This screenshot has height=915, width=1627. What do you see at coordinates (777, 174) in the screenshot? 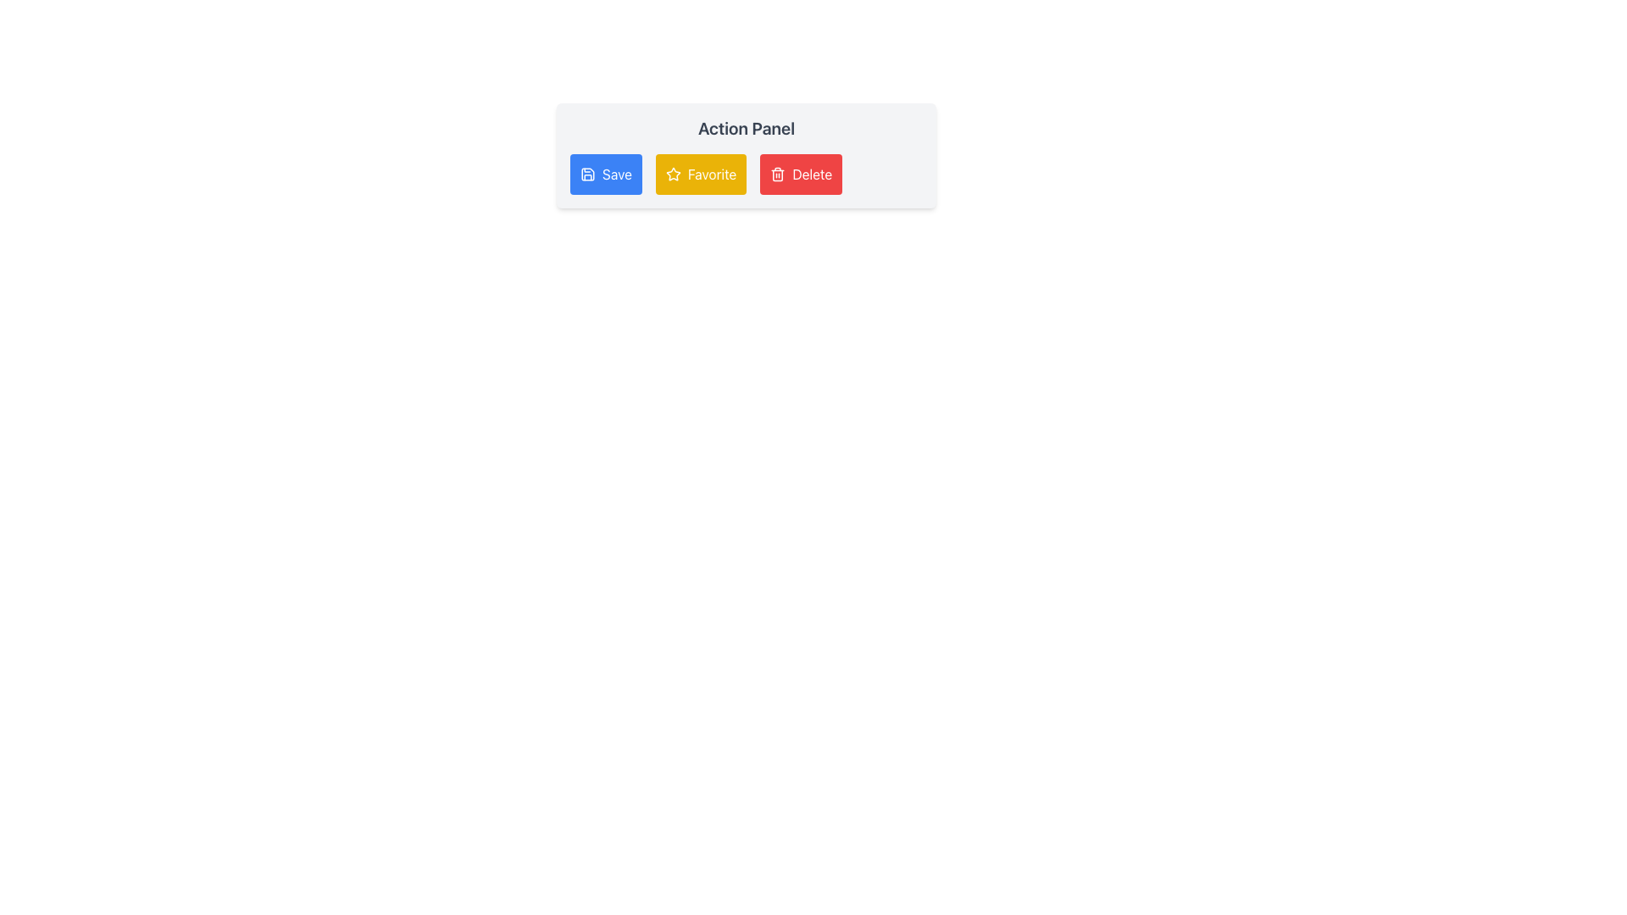
I see `the trash bin icon located to the left of the 'Delete' label within the red button, which is the leftmost part of the 'Delete' button` at bounding box center [777, 174].